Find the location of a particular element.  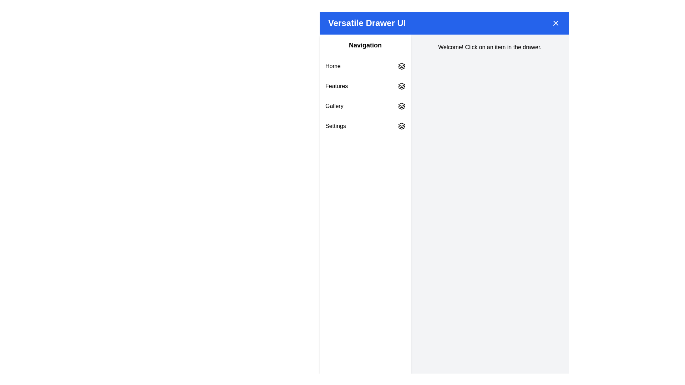

the 'Features' menu icon, which is the second icon in a vertical navigation menu located on the left side of the interface is located at coordinates (402, 86).